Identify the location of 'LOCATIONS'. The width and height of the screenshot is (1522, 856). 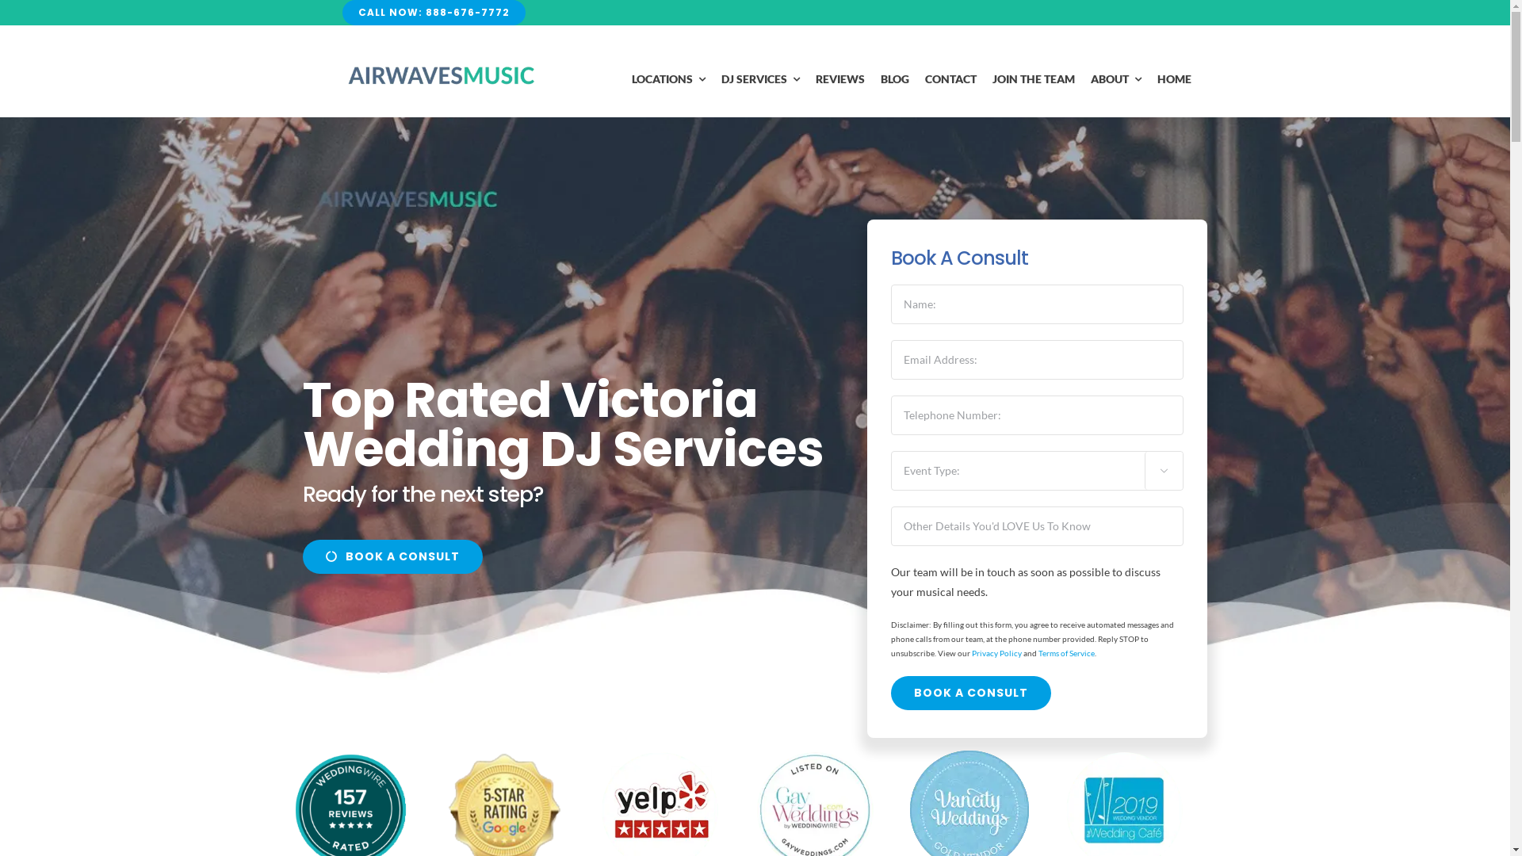
(668, 79).